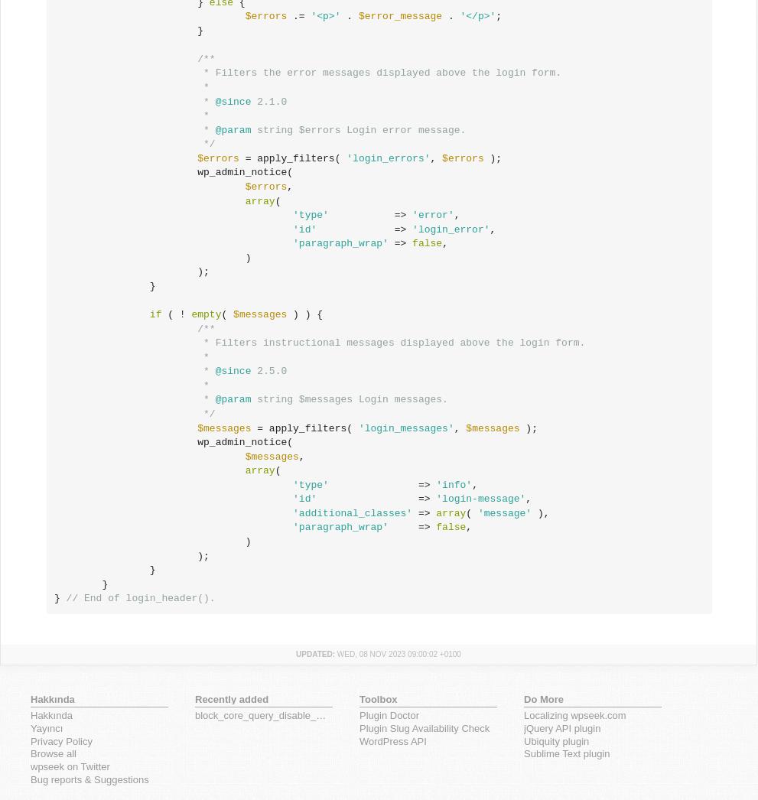 This screenshot has height=800, width=758. I want to click on ',
				)
			);
		}
	}
}', so click(262, 561).